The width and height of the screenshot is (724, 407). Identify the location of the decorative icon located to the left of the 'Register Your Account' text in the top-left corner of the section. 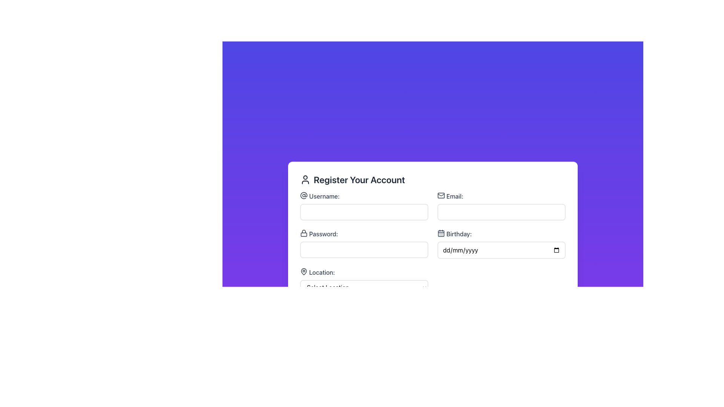
(305, 180).